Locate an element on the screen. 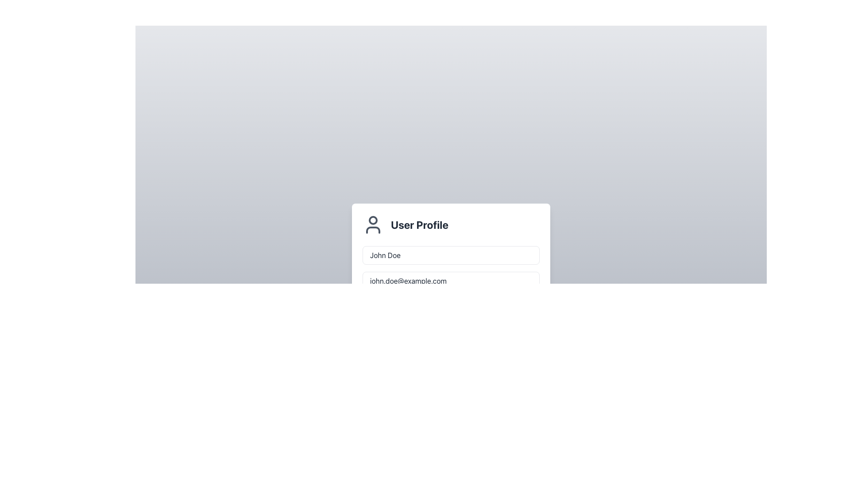  the small circular SVG element located at the center-top of the user profile icon, which represents the head within the design is located at coordinates (373, 220).